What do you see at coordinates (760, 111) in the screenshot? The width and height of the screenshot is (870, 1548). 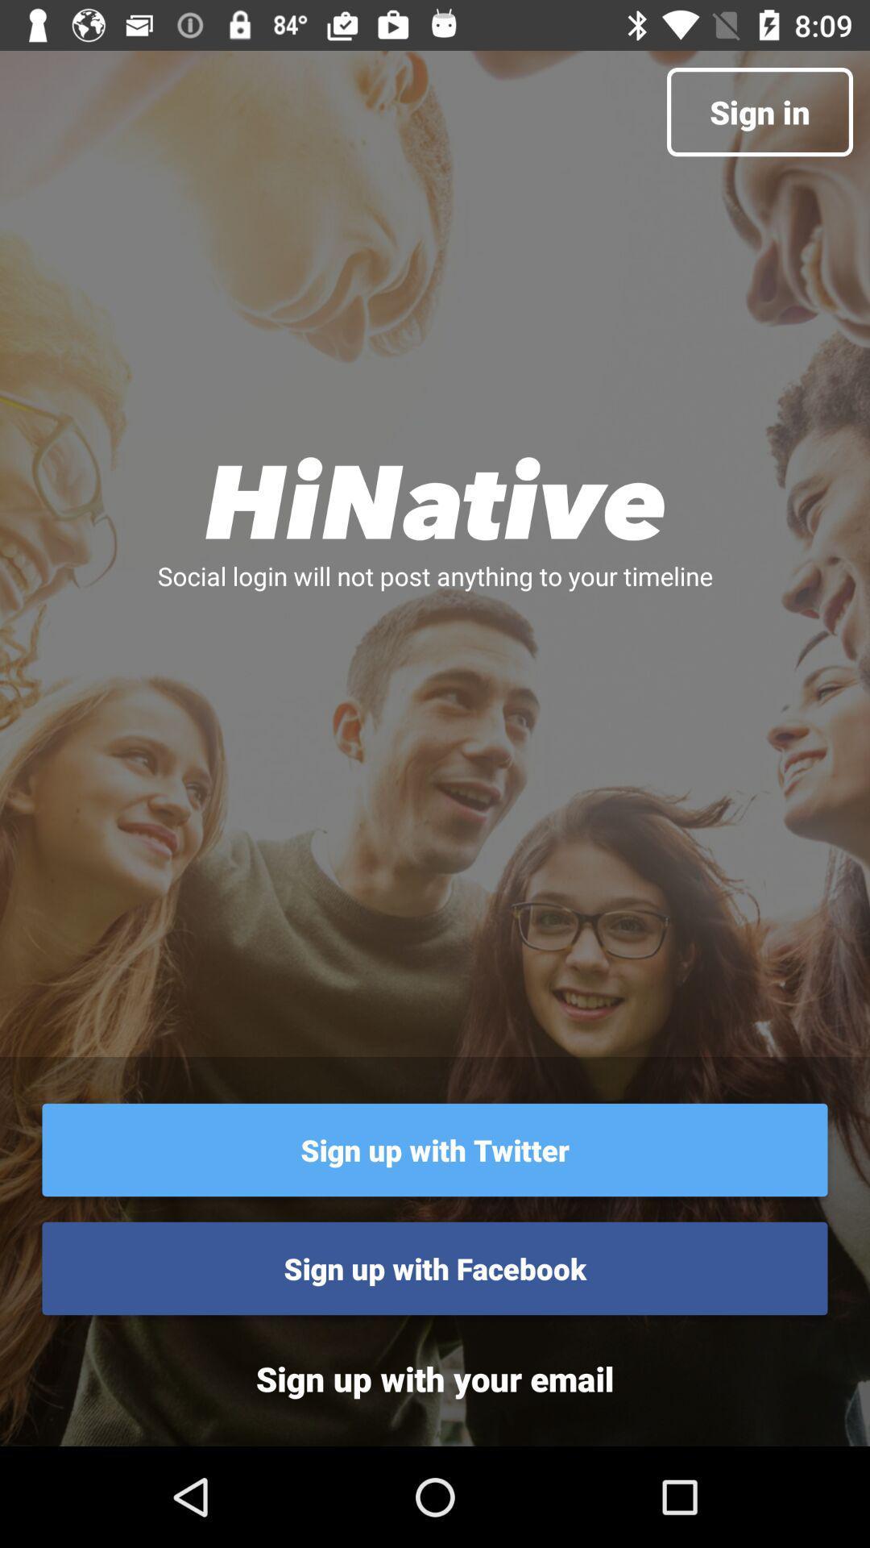 I see `sign in item` at bounding box center [760, 111].